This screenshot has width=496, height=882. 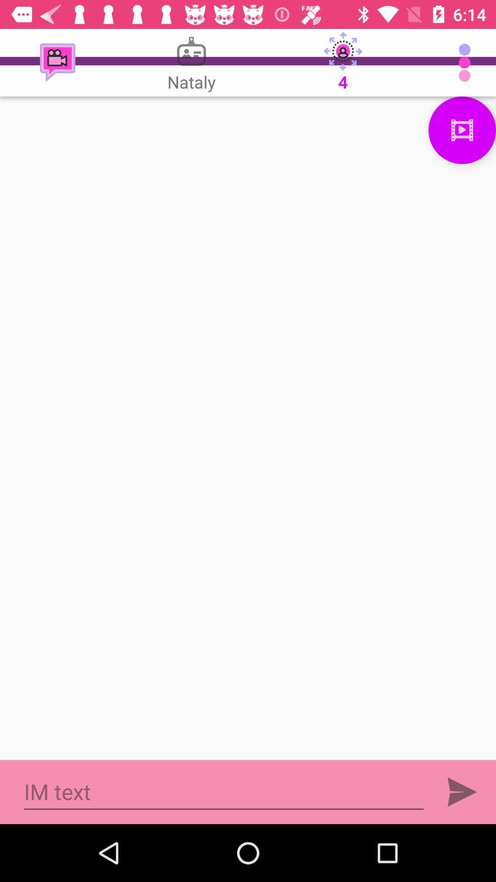 What do you see at coordinates (248, 428) in the screenshot?
I see `write the option` at bounding box center [248, 428].